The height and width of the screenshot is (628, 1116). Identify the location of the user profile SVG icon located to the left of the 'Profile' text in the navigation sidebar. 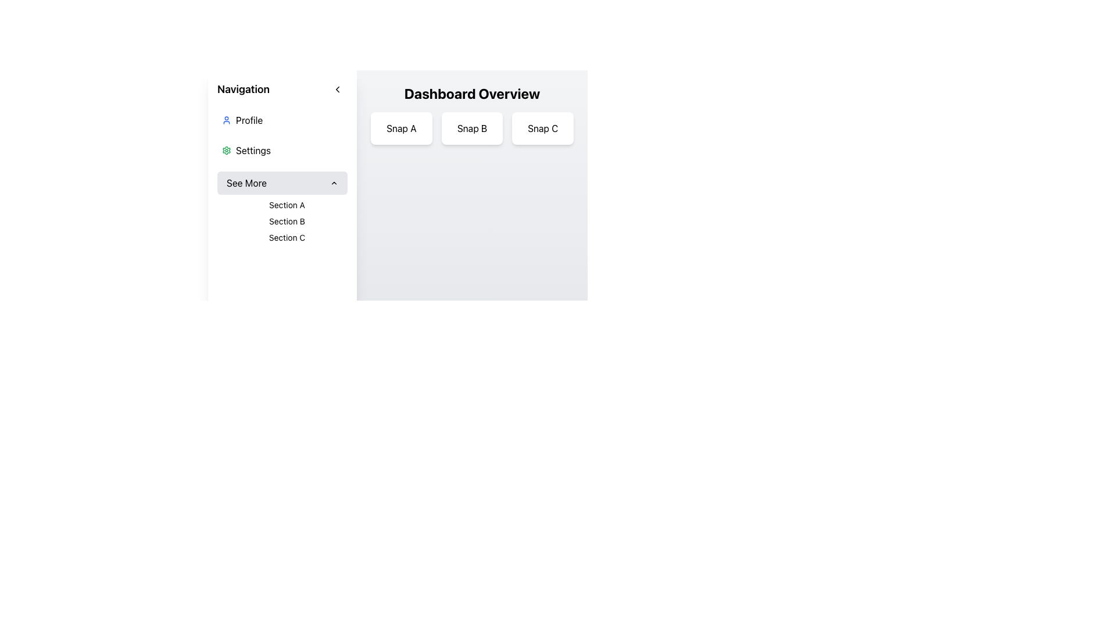
(226, 120).